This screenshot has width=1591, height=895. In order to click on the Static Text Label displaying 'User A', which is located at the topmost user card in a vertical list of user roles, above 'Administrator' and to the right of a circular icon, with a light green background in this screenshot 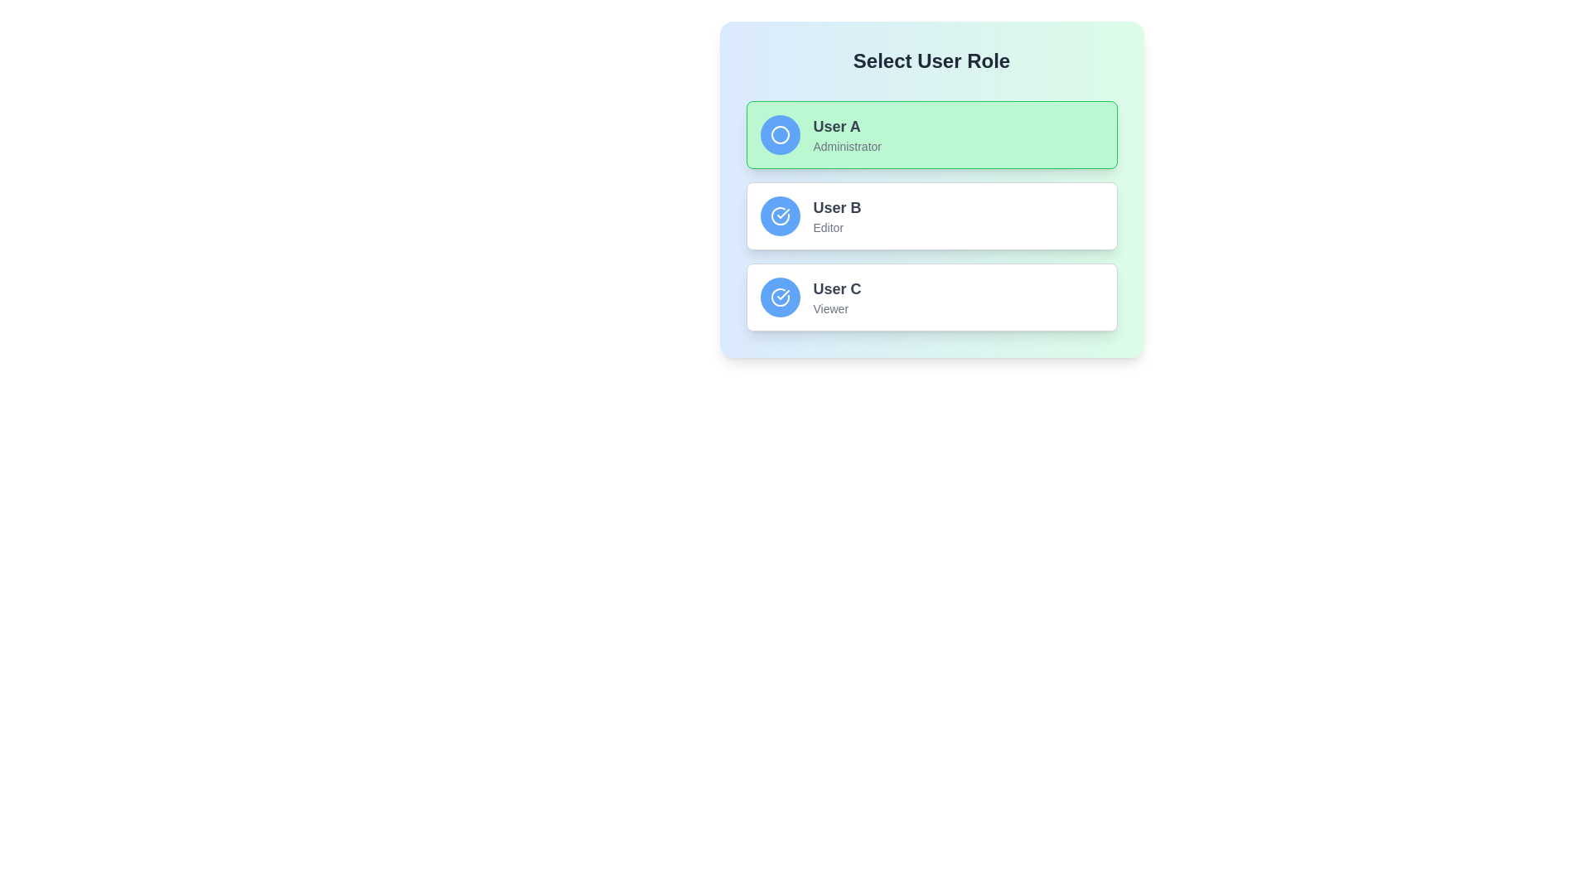, I will do `click(847, 126)`.